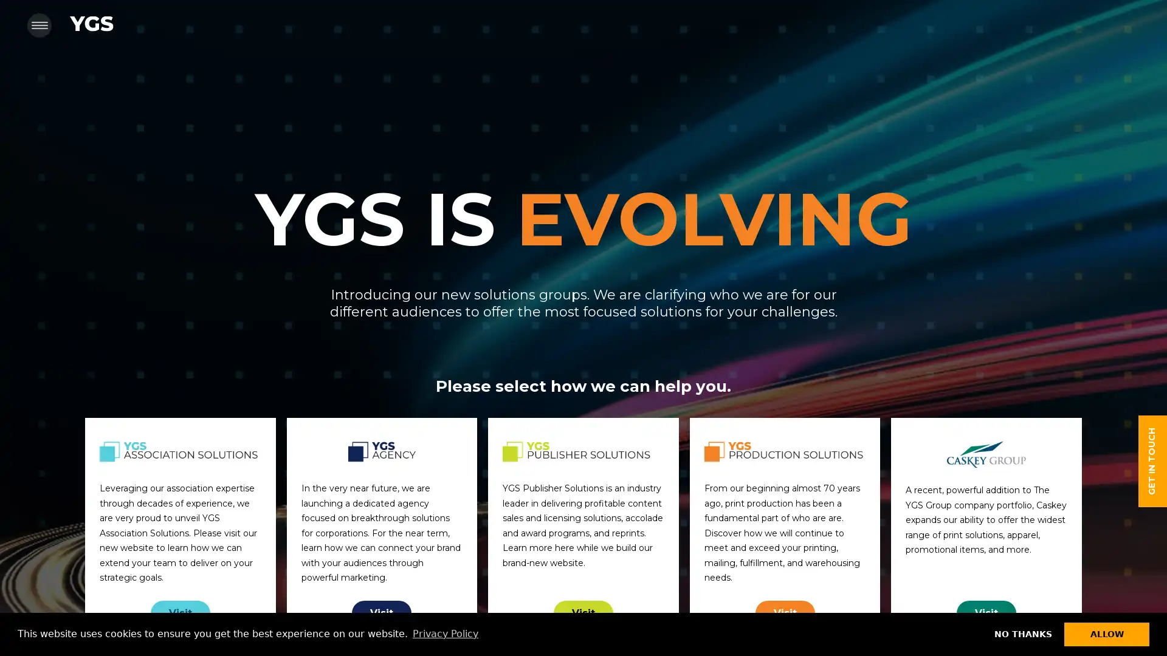 Image resolution: width=1167 pixels, height=656 pixels. I want to click on learn more about cookies, so click(444, 634).